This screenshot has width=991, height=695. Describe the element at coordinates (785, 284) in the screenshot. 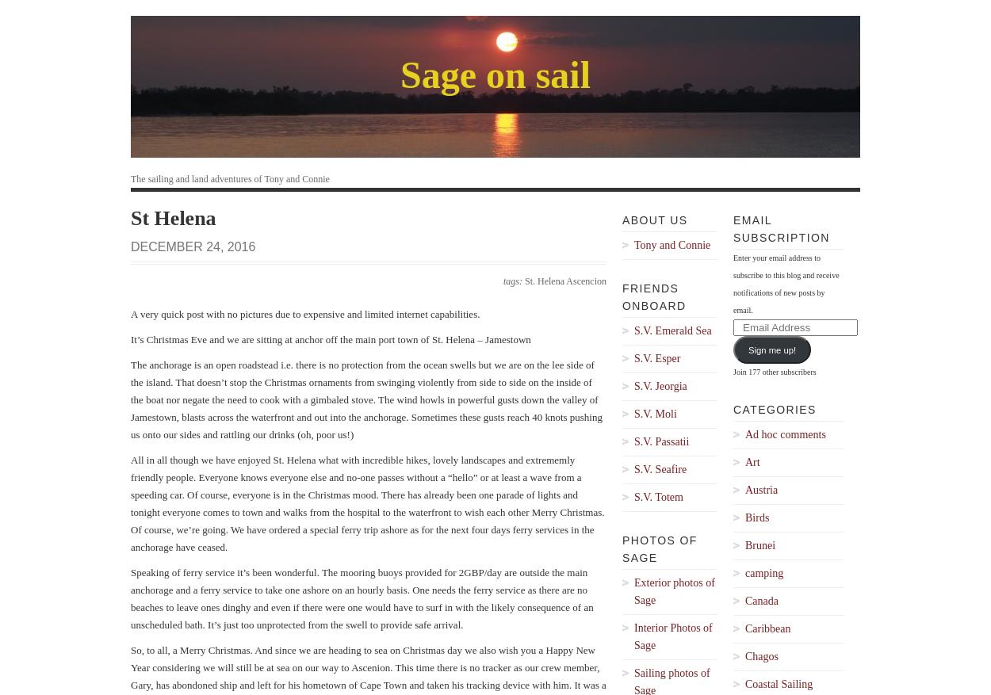

I see `'Enter your email address to subscribe to this blog and receive notifications of new posts by email.'` at that location.